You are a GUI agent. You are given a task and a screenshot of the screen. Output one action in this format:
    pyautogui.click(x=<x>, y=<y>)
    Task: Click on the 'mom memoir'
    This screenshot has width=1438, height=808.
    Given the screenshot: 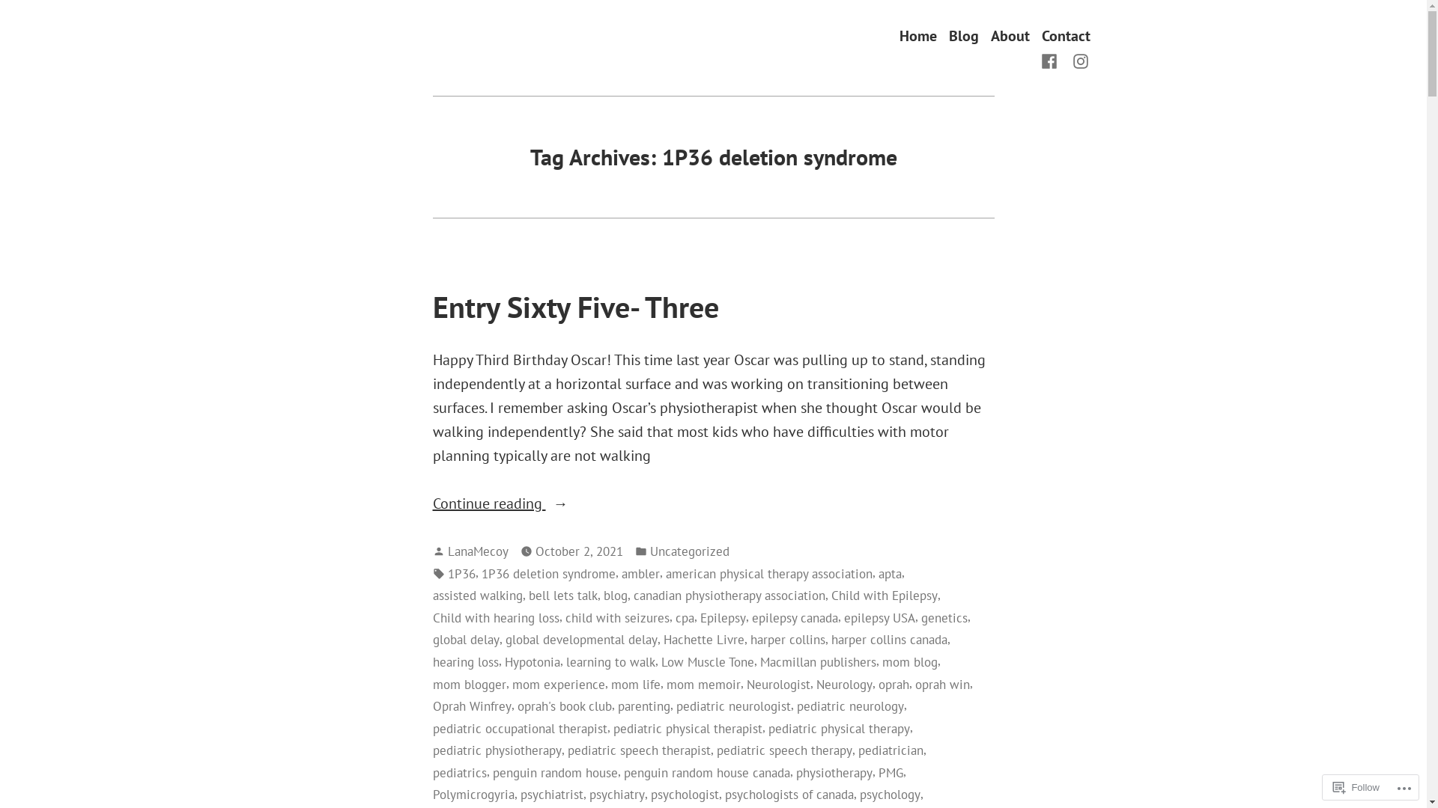 What is the action you would take?
    pyautogui.click(x=703, y=684)
    